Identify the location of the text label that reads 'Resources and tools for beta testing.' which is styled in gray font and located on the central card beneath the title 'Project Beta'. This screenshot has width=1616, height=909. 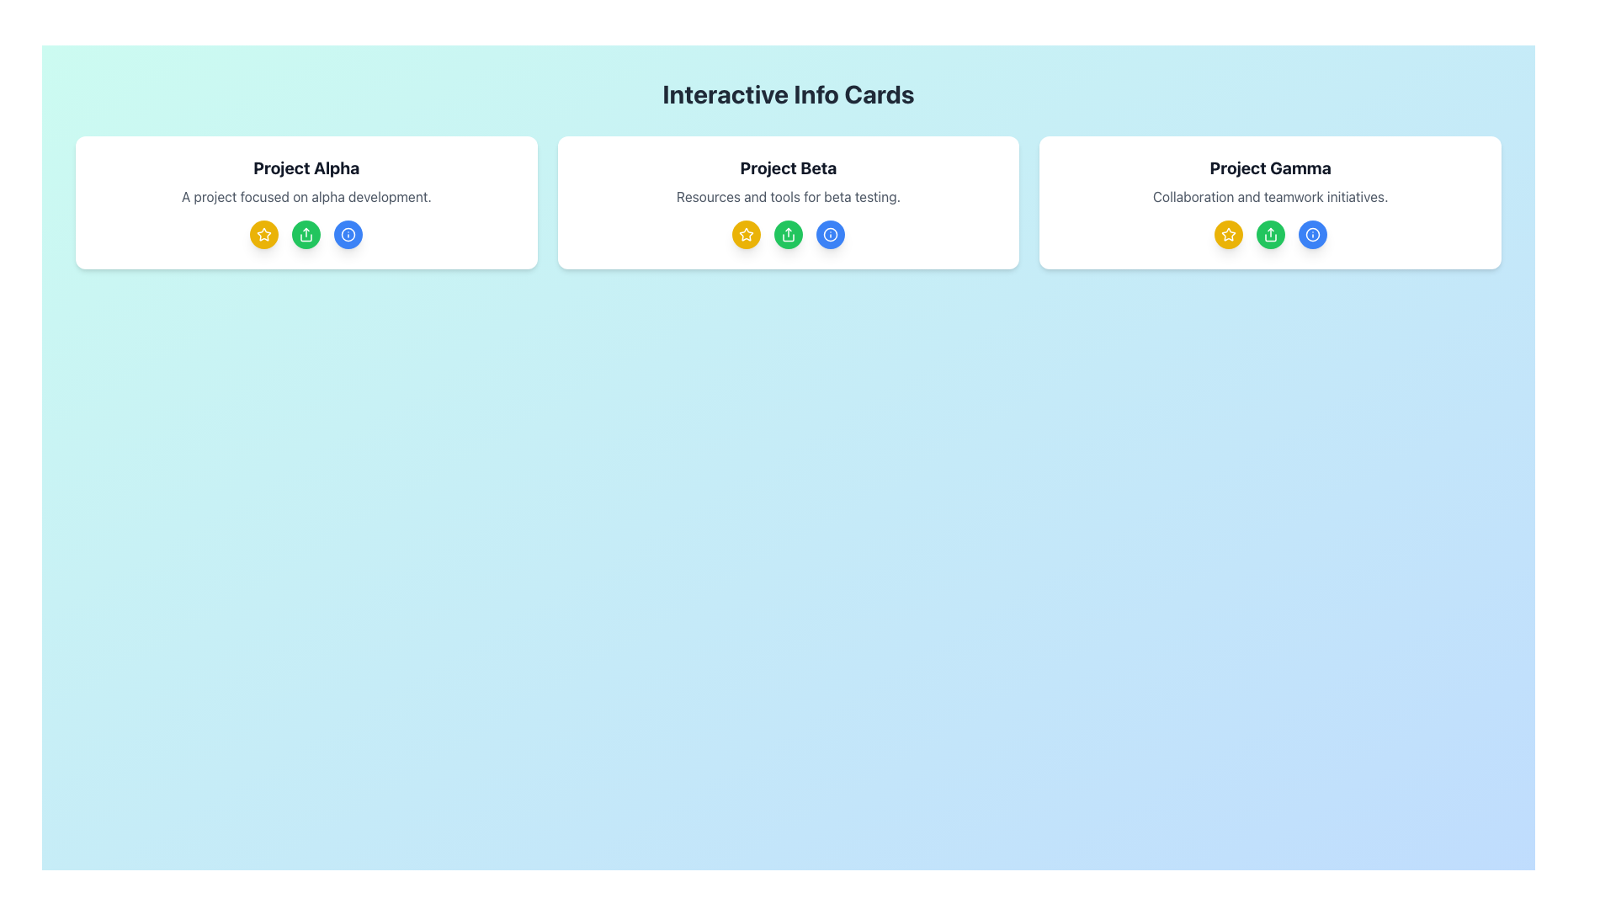
(787, 196).